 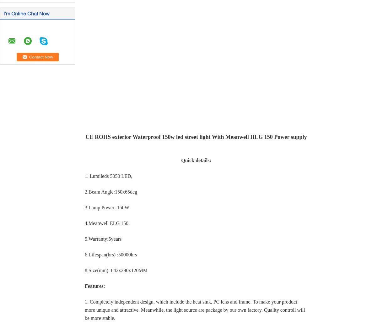 I want to click on 'I'm Online Chat Now', so click(x=26, y=13).